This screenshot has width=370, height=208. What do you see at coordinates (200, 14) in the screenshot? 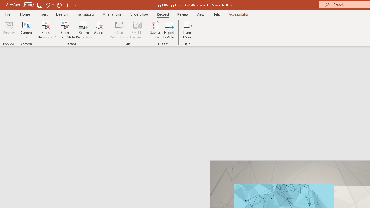
I see `'View'` at bounding box center [200, 14].